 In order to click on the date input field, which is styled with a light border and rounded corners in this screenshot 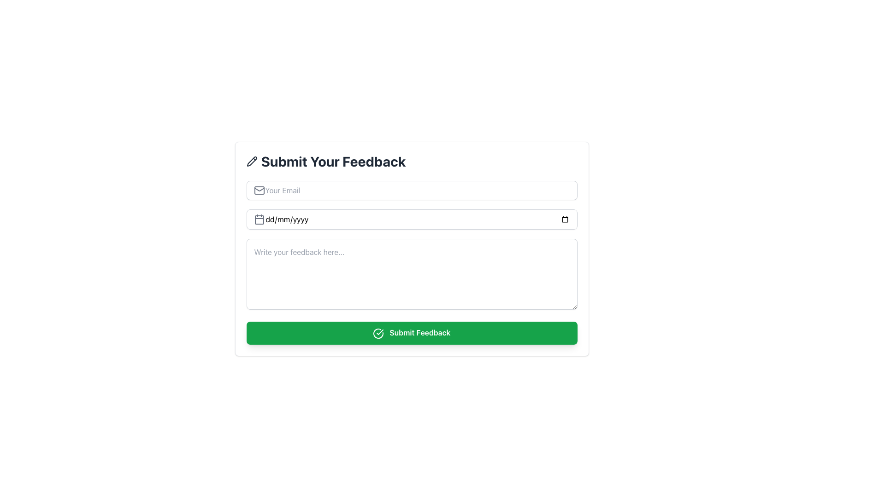, I will do `click(411, 220)`.